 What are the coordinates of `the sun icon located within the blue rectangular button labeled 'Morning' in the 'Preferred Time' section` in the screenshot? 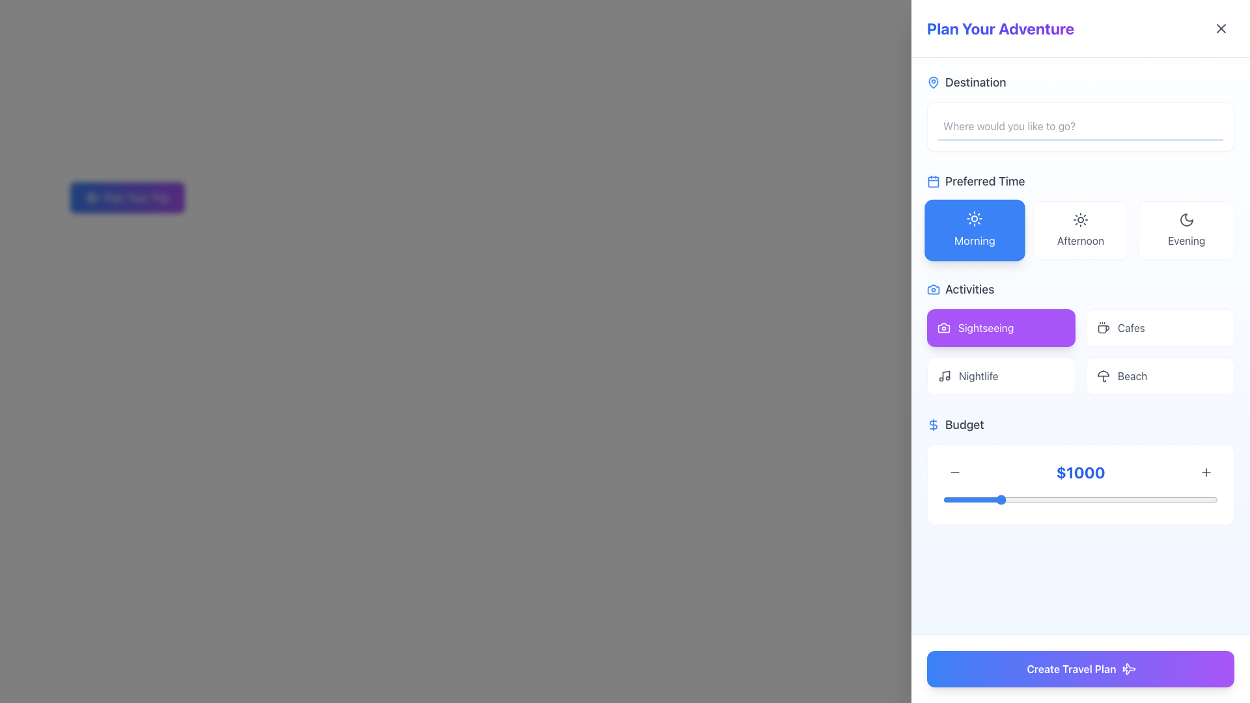 It's located at (975, 218).